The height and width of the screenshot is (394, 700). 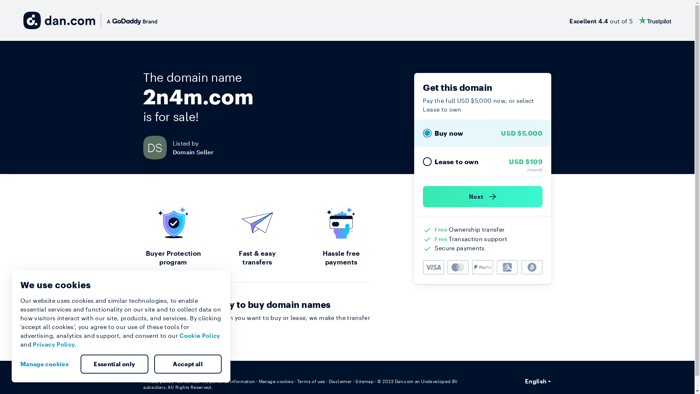 I want to click on 'Privacy Policy', so click(x=53, y=344).